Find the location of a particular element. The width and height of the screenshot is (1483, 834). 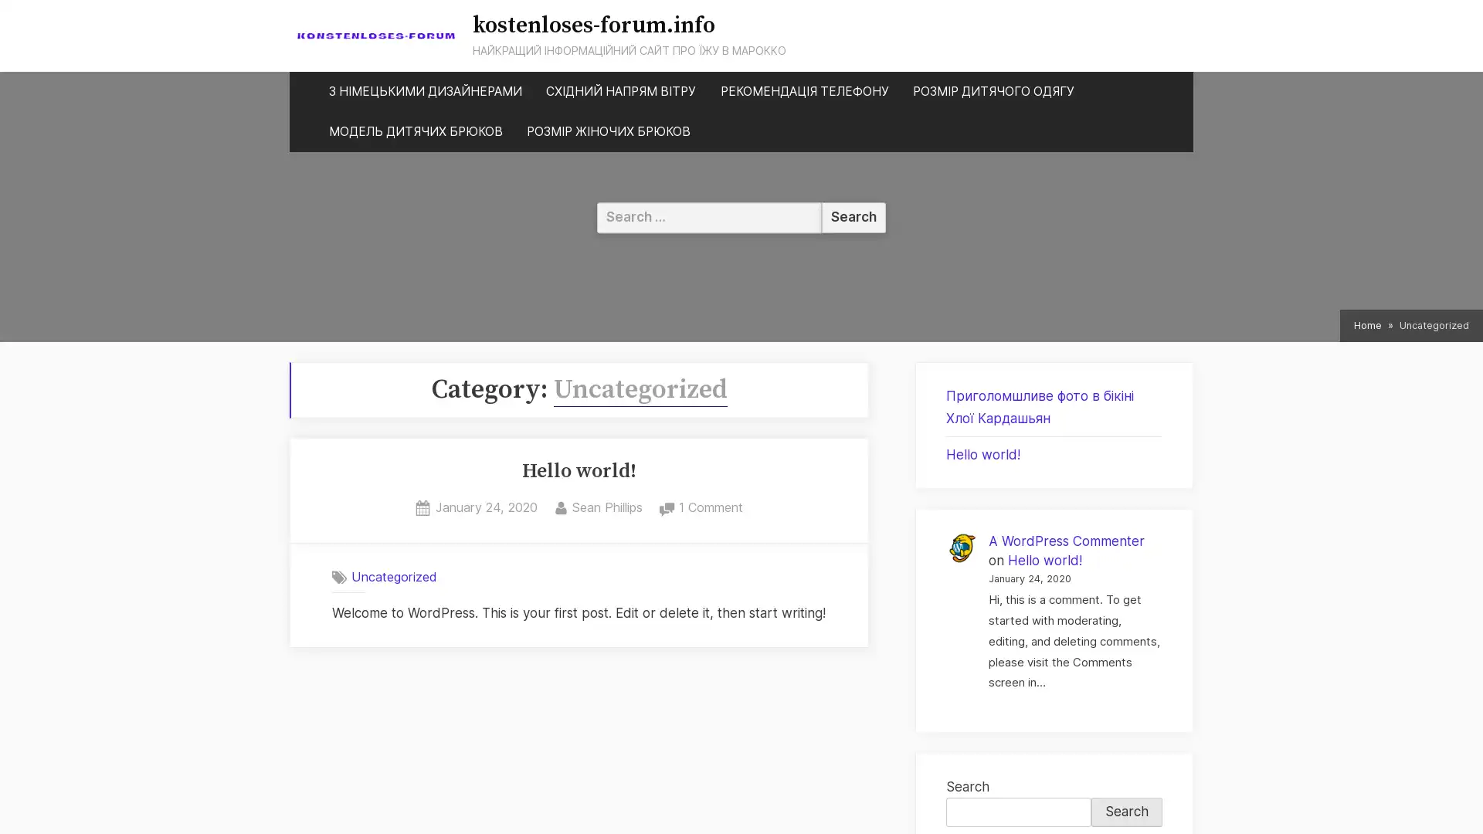

Search is located at coordinates (853, 217).